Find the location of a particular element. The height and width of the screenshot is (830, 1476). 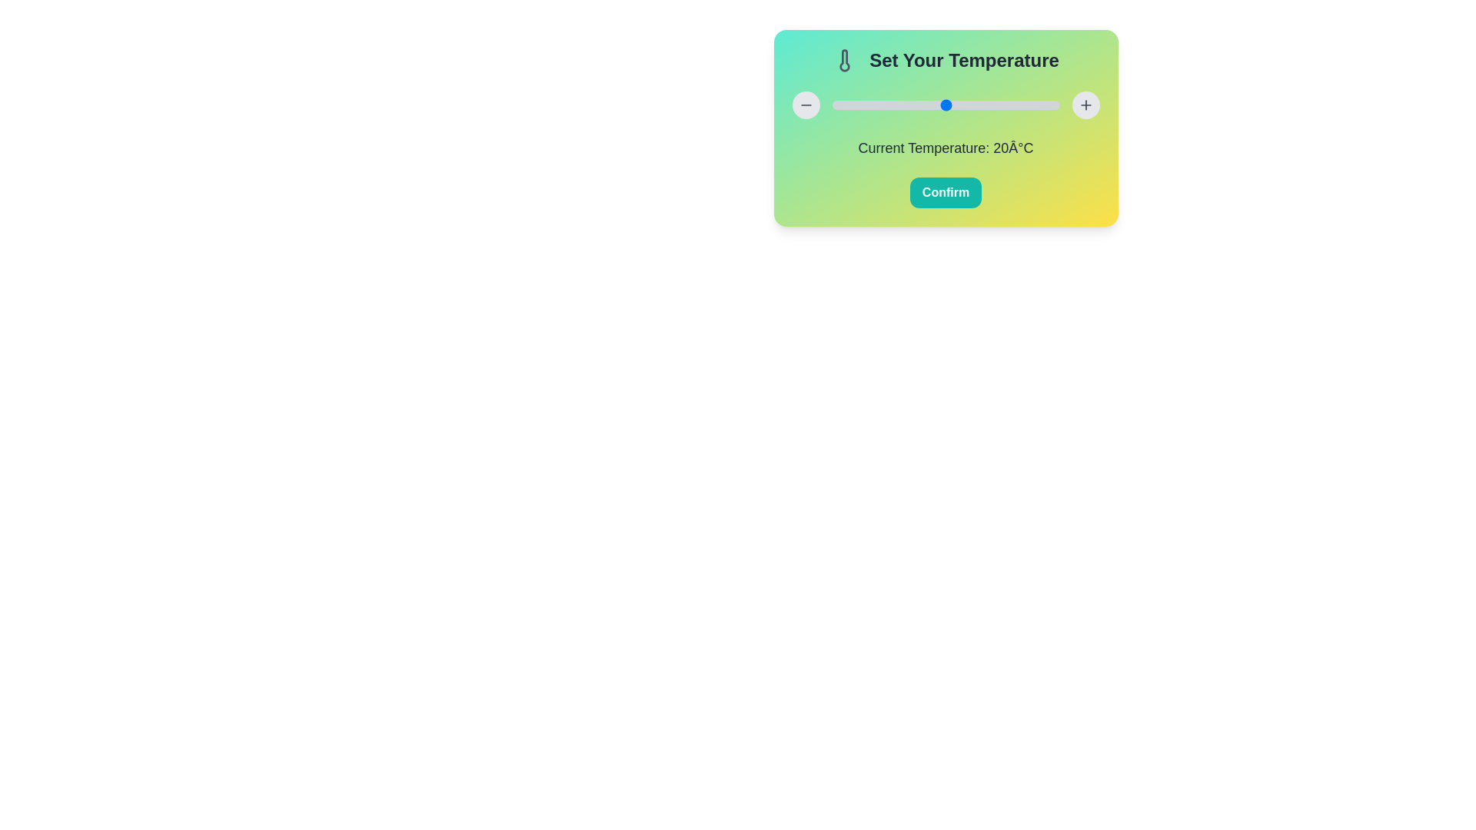

the temperature slider to set the temperature to 30°C is located at coordinates (1002, 105).